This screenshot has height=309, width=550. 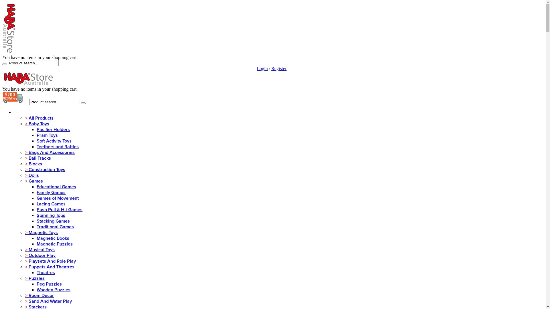 What do you see at coordinates (45, 272) in the screenshot?
I see `'Theatres'` at bounding box center [45, 272].